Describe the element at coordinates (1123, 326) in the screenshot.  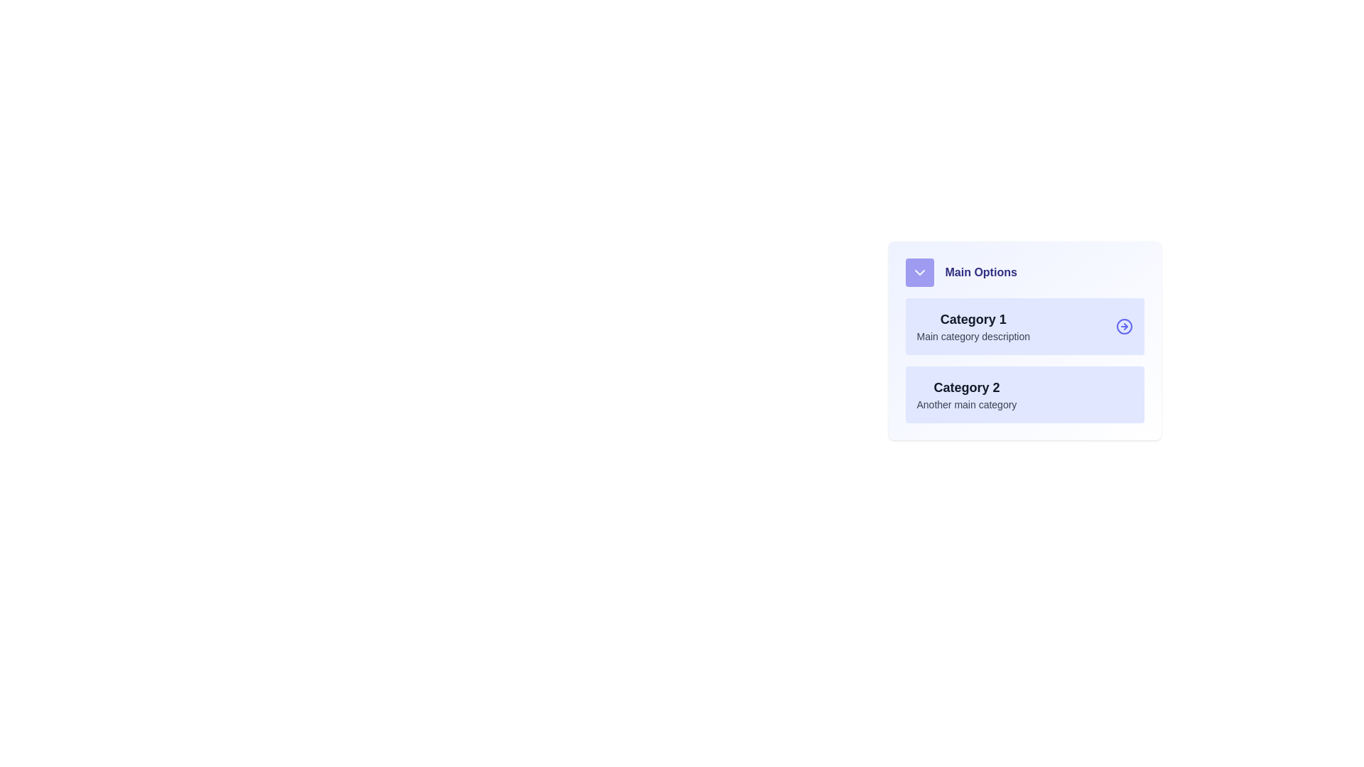
I see `the circular icon with a rightward-pointing arrow that has a blue outline, located to the right of the text 'Category 1' and 'Main category description'` at that location.